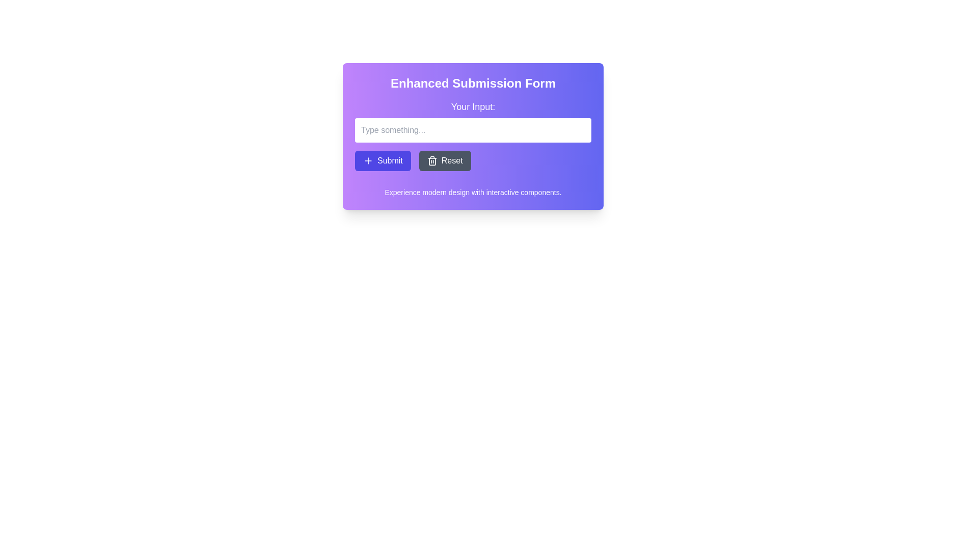 This screenshot has width=978, height=550. Describe the element at coordinates (473, 121) in the screenshot. I see `the text input field located in the 'Enhanced Submission Form' card to focus on it` at that location.